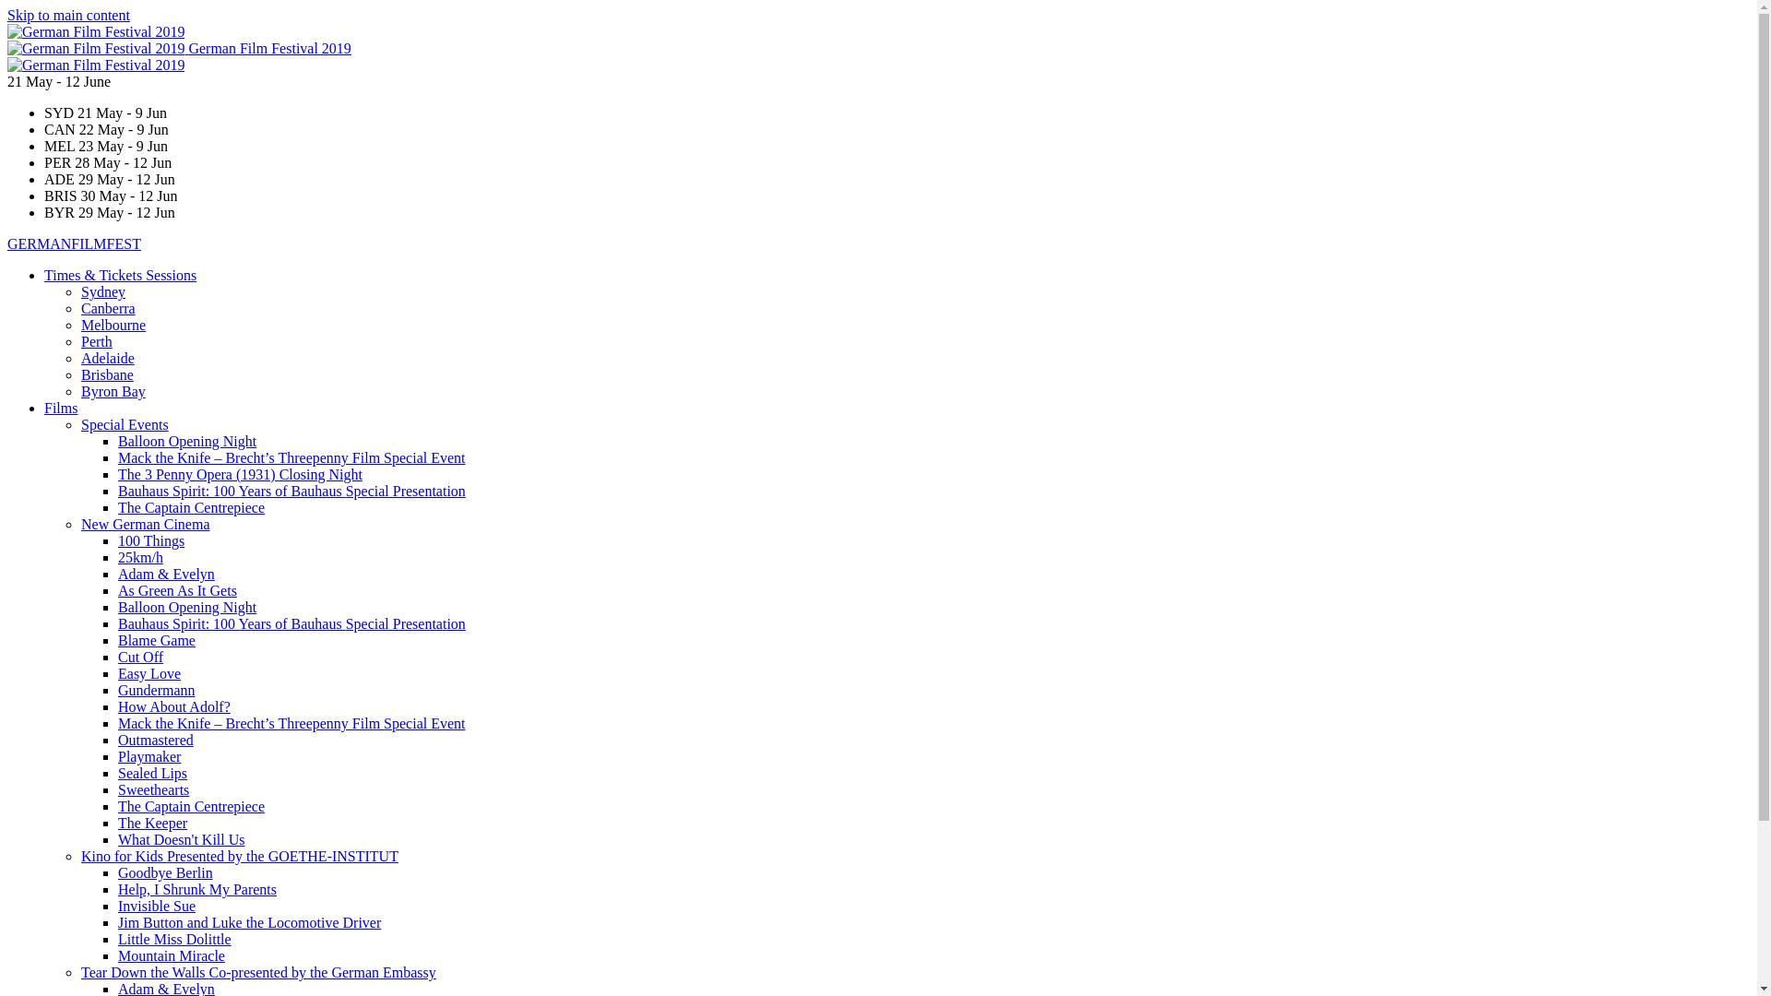 This screenshot has height=996, width=1771. I want to click on 'Little Miss Dolittle', so click(174, 939).